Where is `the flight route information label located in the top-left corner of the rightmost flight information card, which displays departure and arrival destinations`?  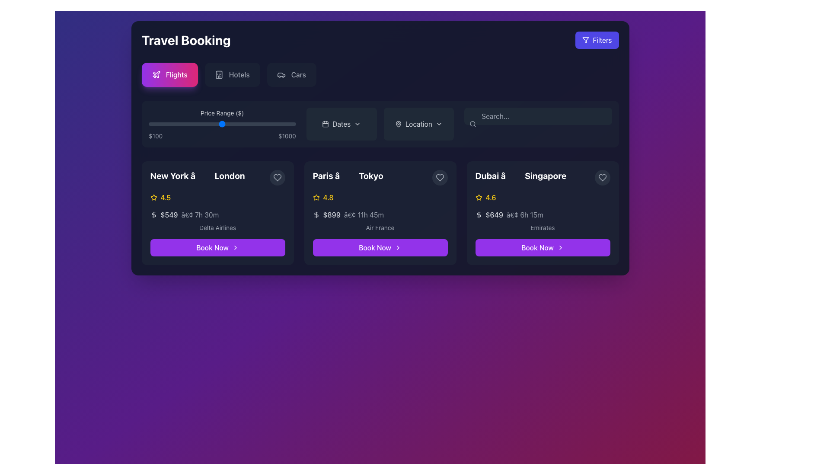
the flight route information label located in the top-left corner of the rightmost flight information card, which displays departure and arrival destinations is located at coordinates (520, 176).